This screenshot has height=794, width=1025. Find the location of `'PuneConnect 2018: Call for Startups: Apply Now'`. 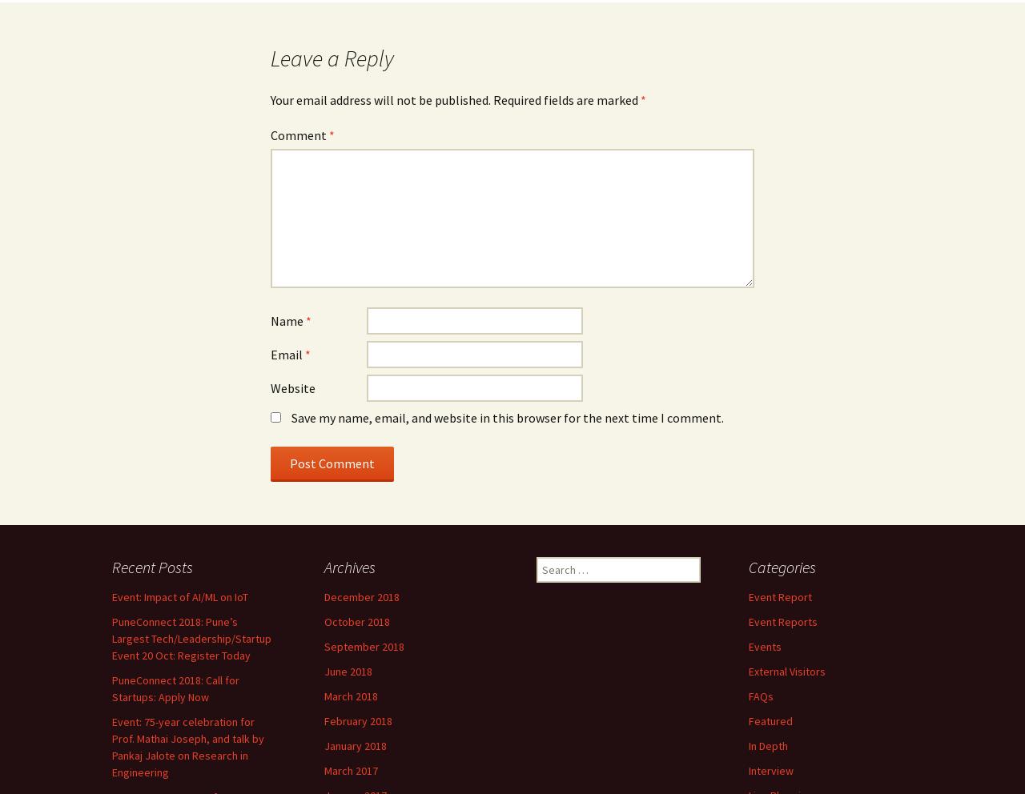

'PuneConnect 2018: Call for Startups: Apply Now' is located at coordinates (175, 688).